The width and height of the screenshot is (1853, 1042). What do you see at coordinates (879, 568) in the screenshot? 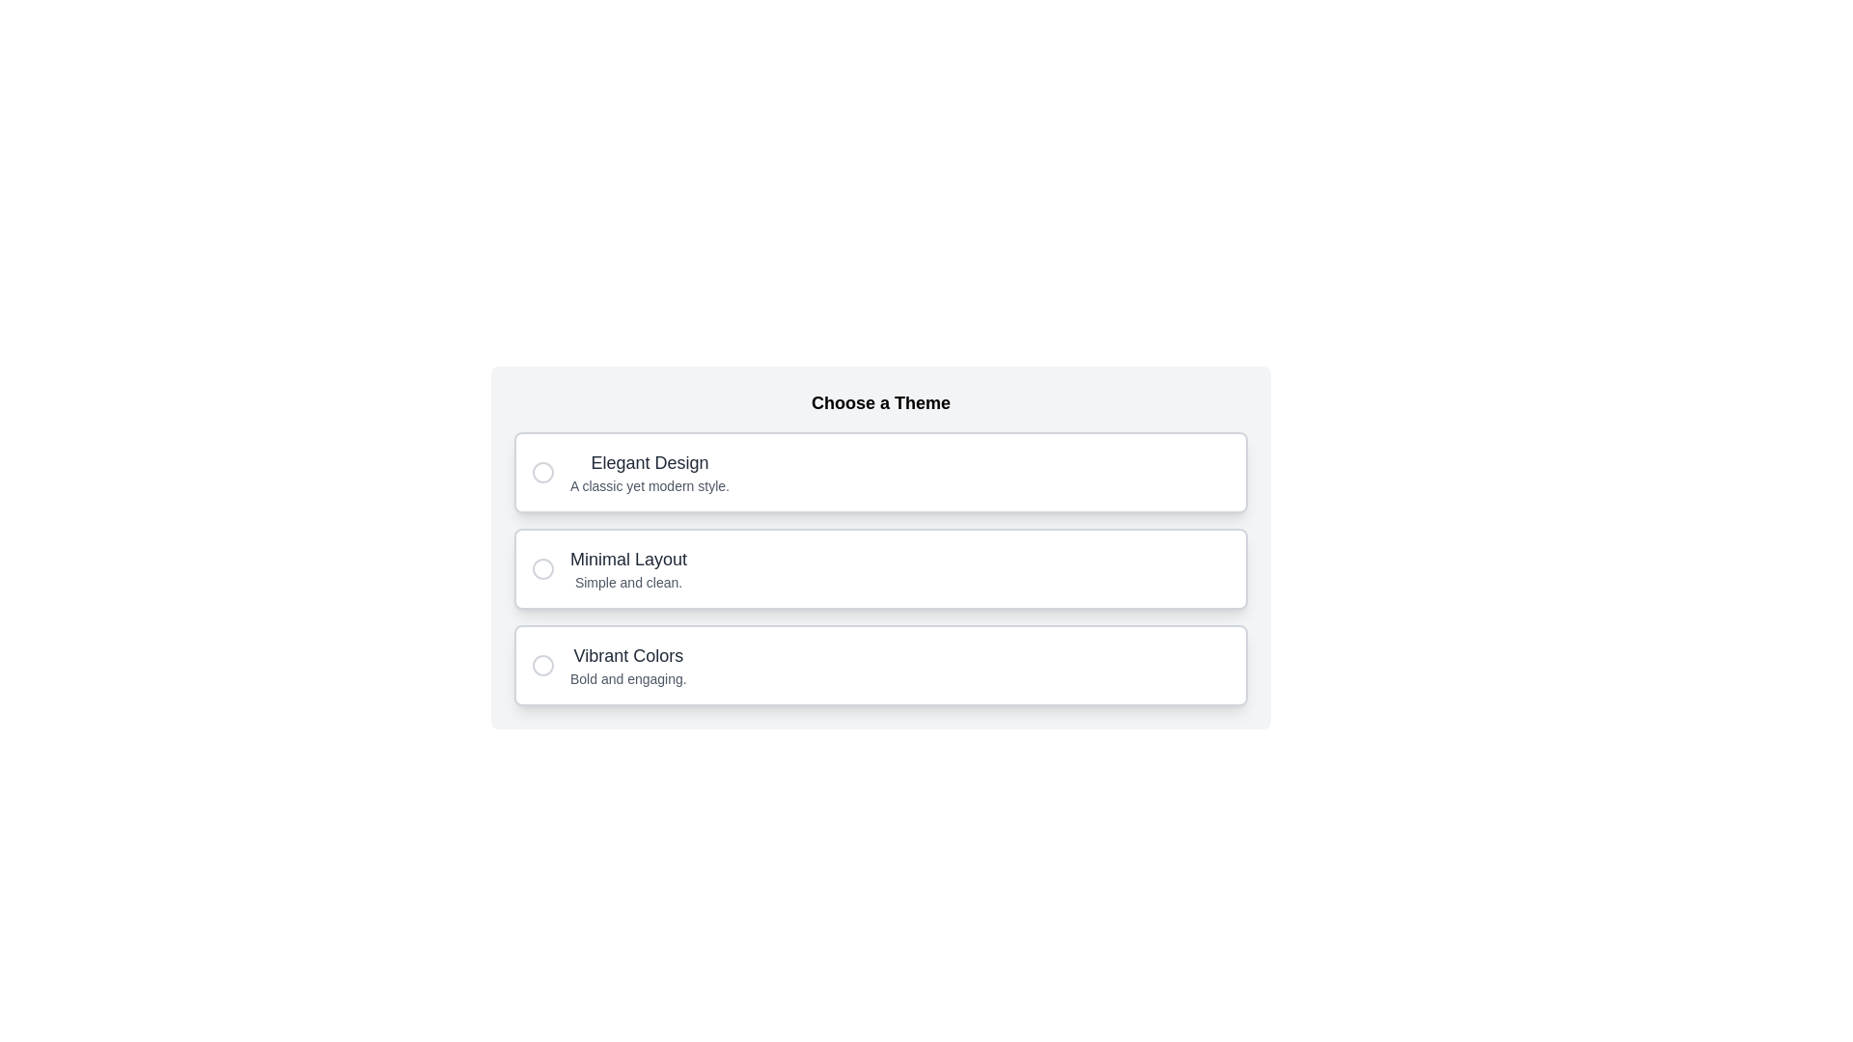
I see `the 'Minimal Layout' selectable option within the theme selection interface, which provides a simple and clean choice for users` at bounding box center [879, 568].